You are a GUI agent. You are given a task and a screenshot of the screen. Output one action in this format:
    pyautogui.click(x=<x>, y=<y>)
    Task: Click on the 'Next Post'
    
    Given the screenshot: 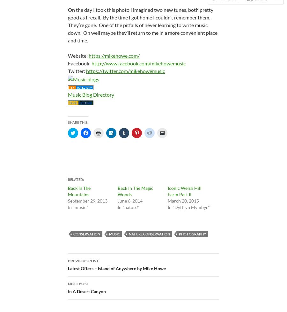 What is the action you would take?
    pyautogui.click(x=78, y=283)
    